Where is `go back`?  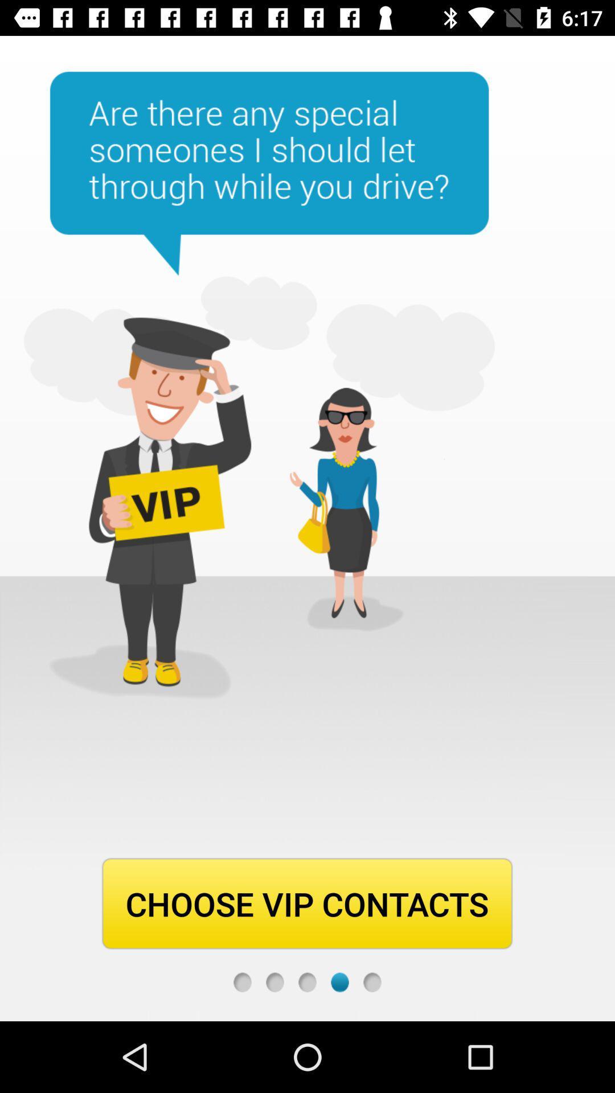
go back is located at coordinates (307, 981).